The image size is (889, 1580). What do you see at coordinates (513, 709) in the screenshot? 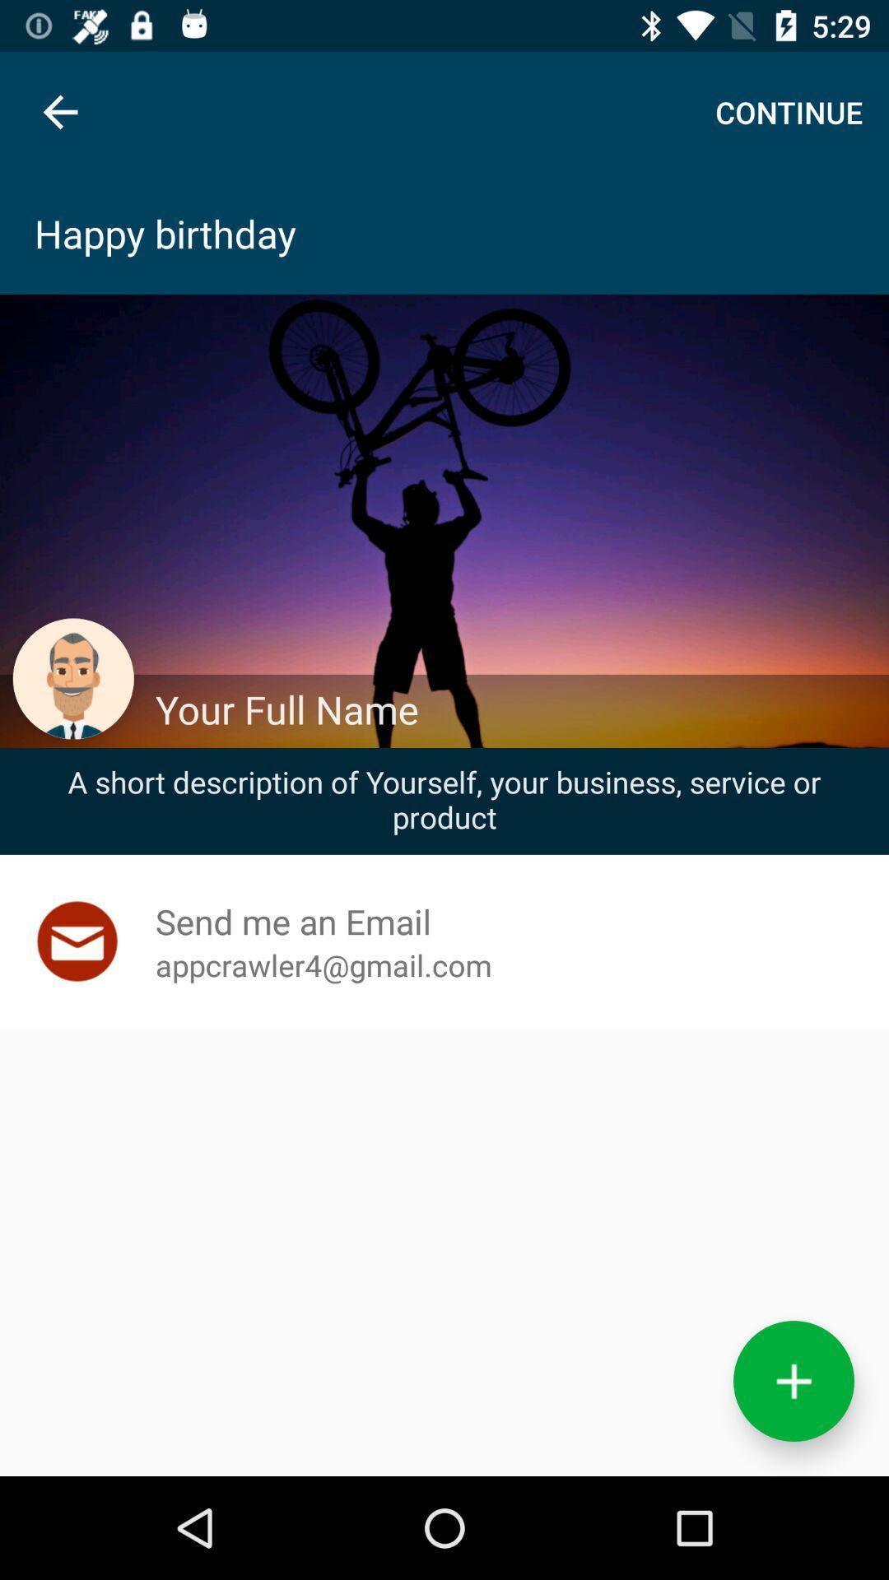
I see `your full name icon` at bounding box center [513, 709].